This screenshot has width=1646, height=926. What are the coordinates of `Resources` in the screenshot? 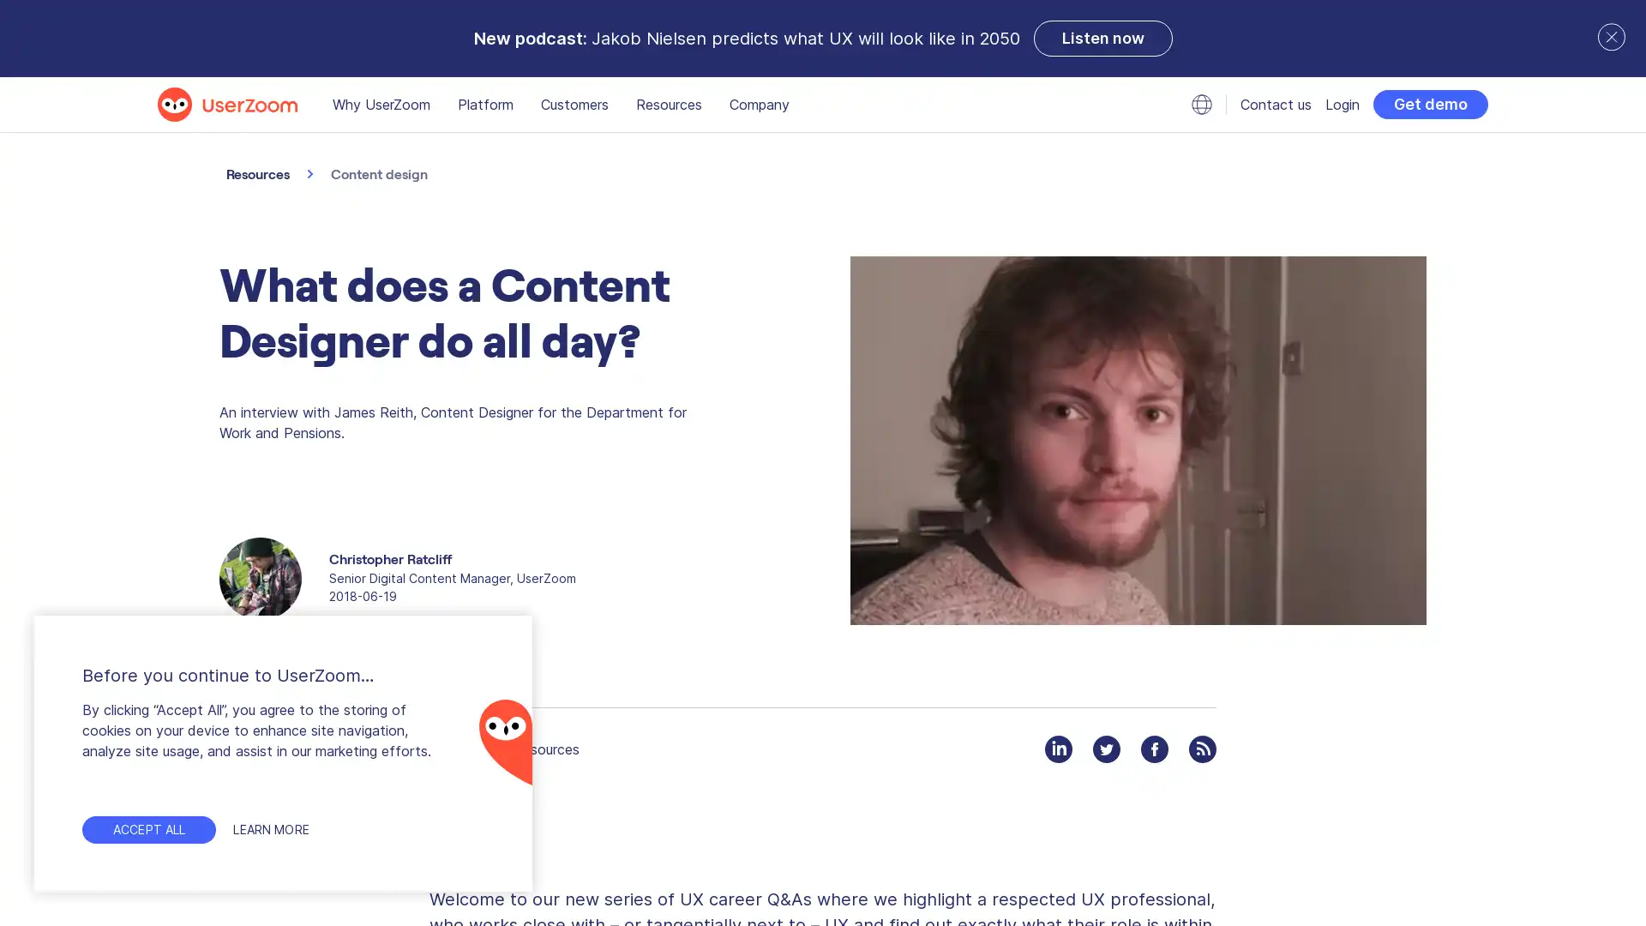 It's located at (668, 105).